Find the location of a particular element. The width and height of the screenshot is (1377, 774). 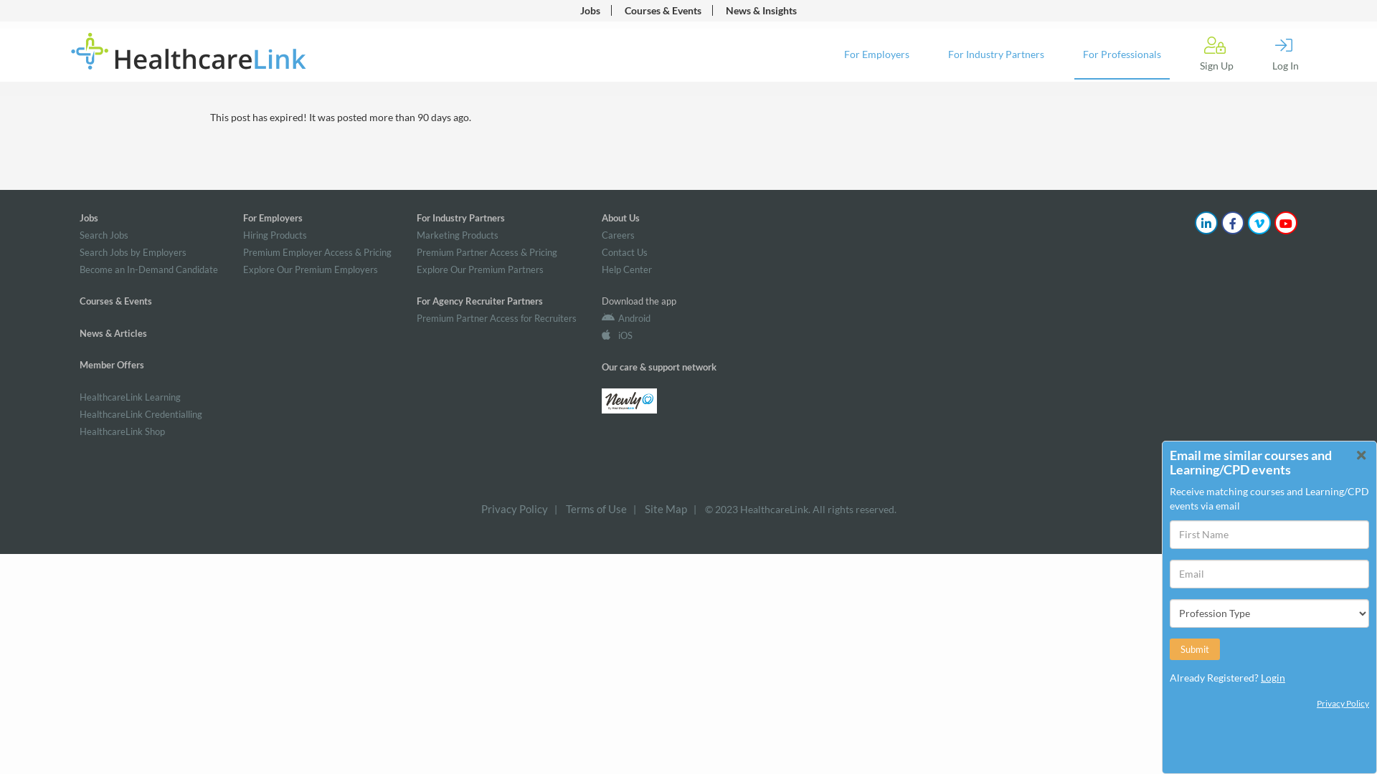

'Search Jobs' is located at coordinates (103, 234).